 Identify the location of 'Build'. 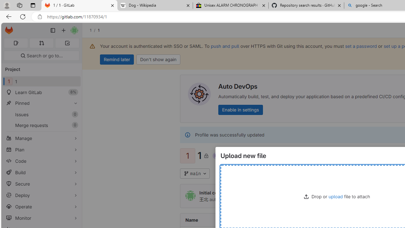
(41, 172).